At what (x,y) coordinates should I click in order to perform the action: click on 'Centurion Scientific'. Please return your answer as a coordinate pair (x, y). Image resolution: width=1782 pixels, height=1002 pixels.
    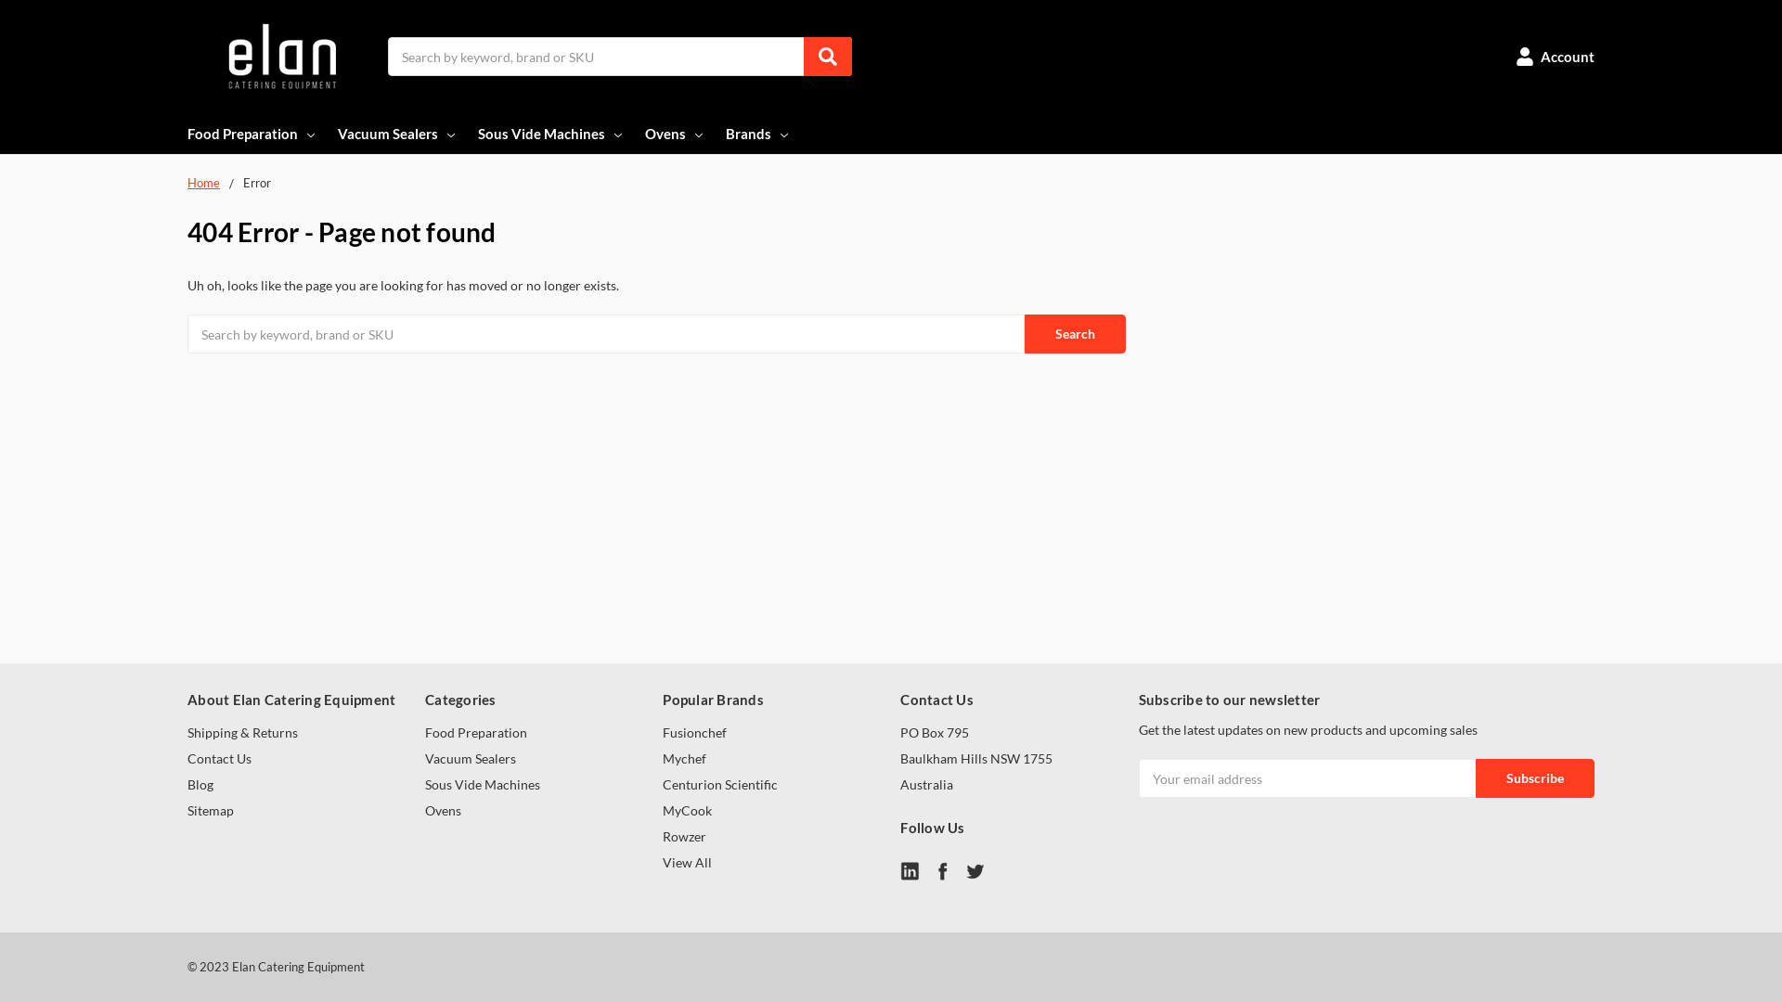
    Looking at the image, I should click on (663, 784).